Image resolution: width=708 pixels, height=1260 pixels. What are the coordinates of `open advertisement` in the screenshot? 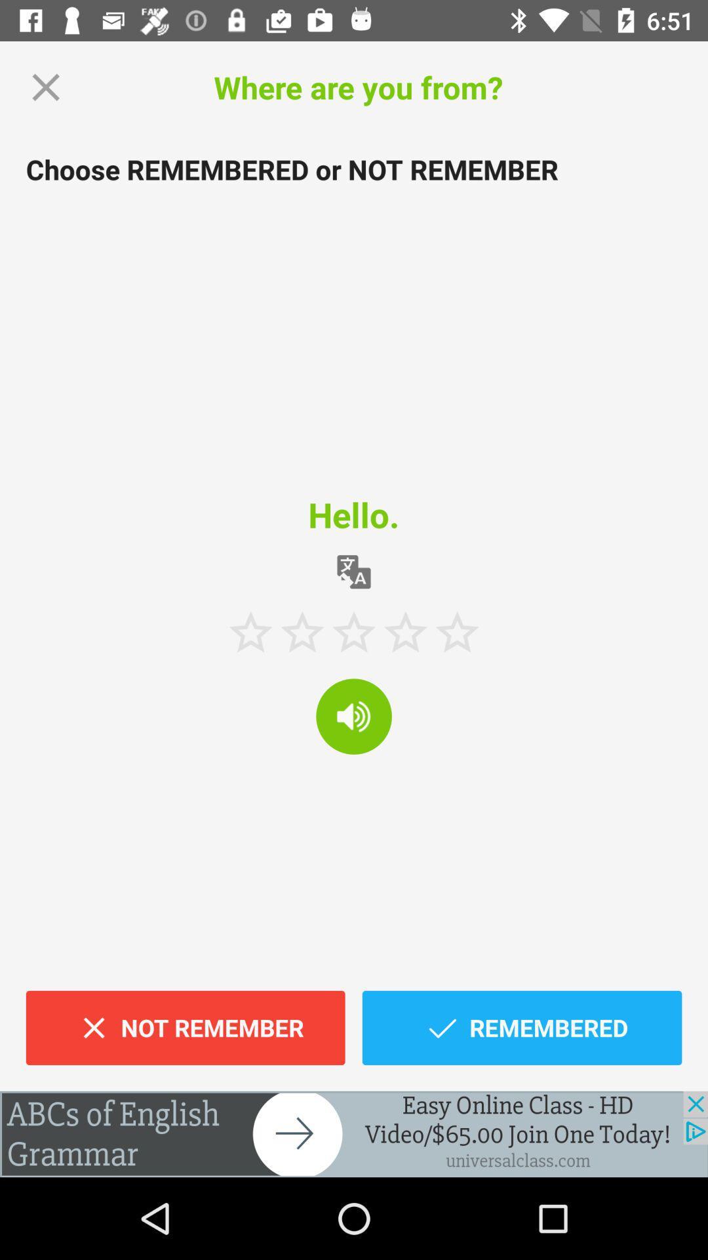 It's located at (354, 1133).